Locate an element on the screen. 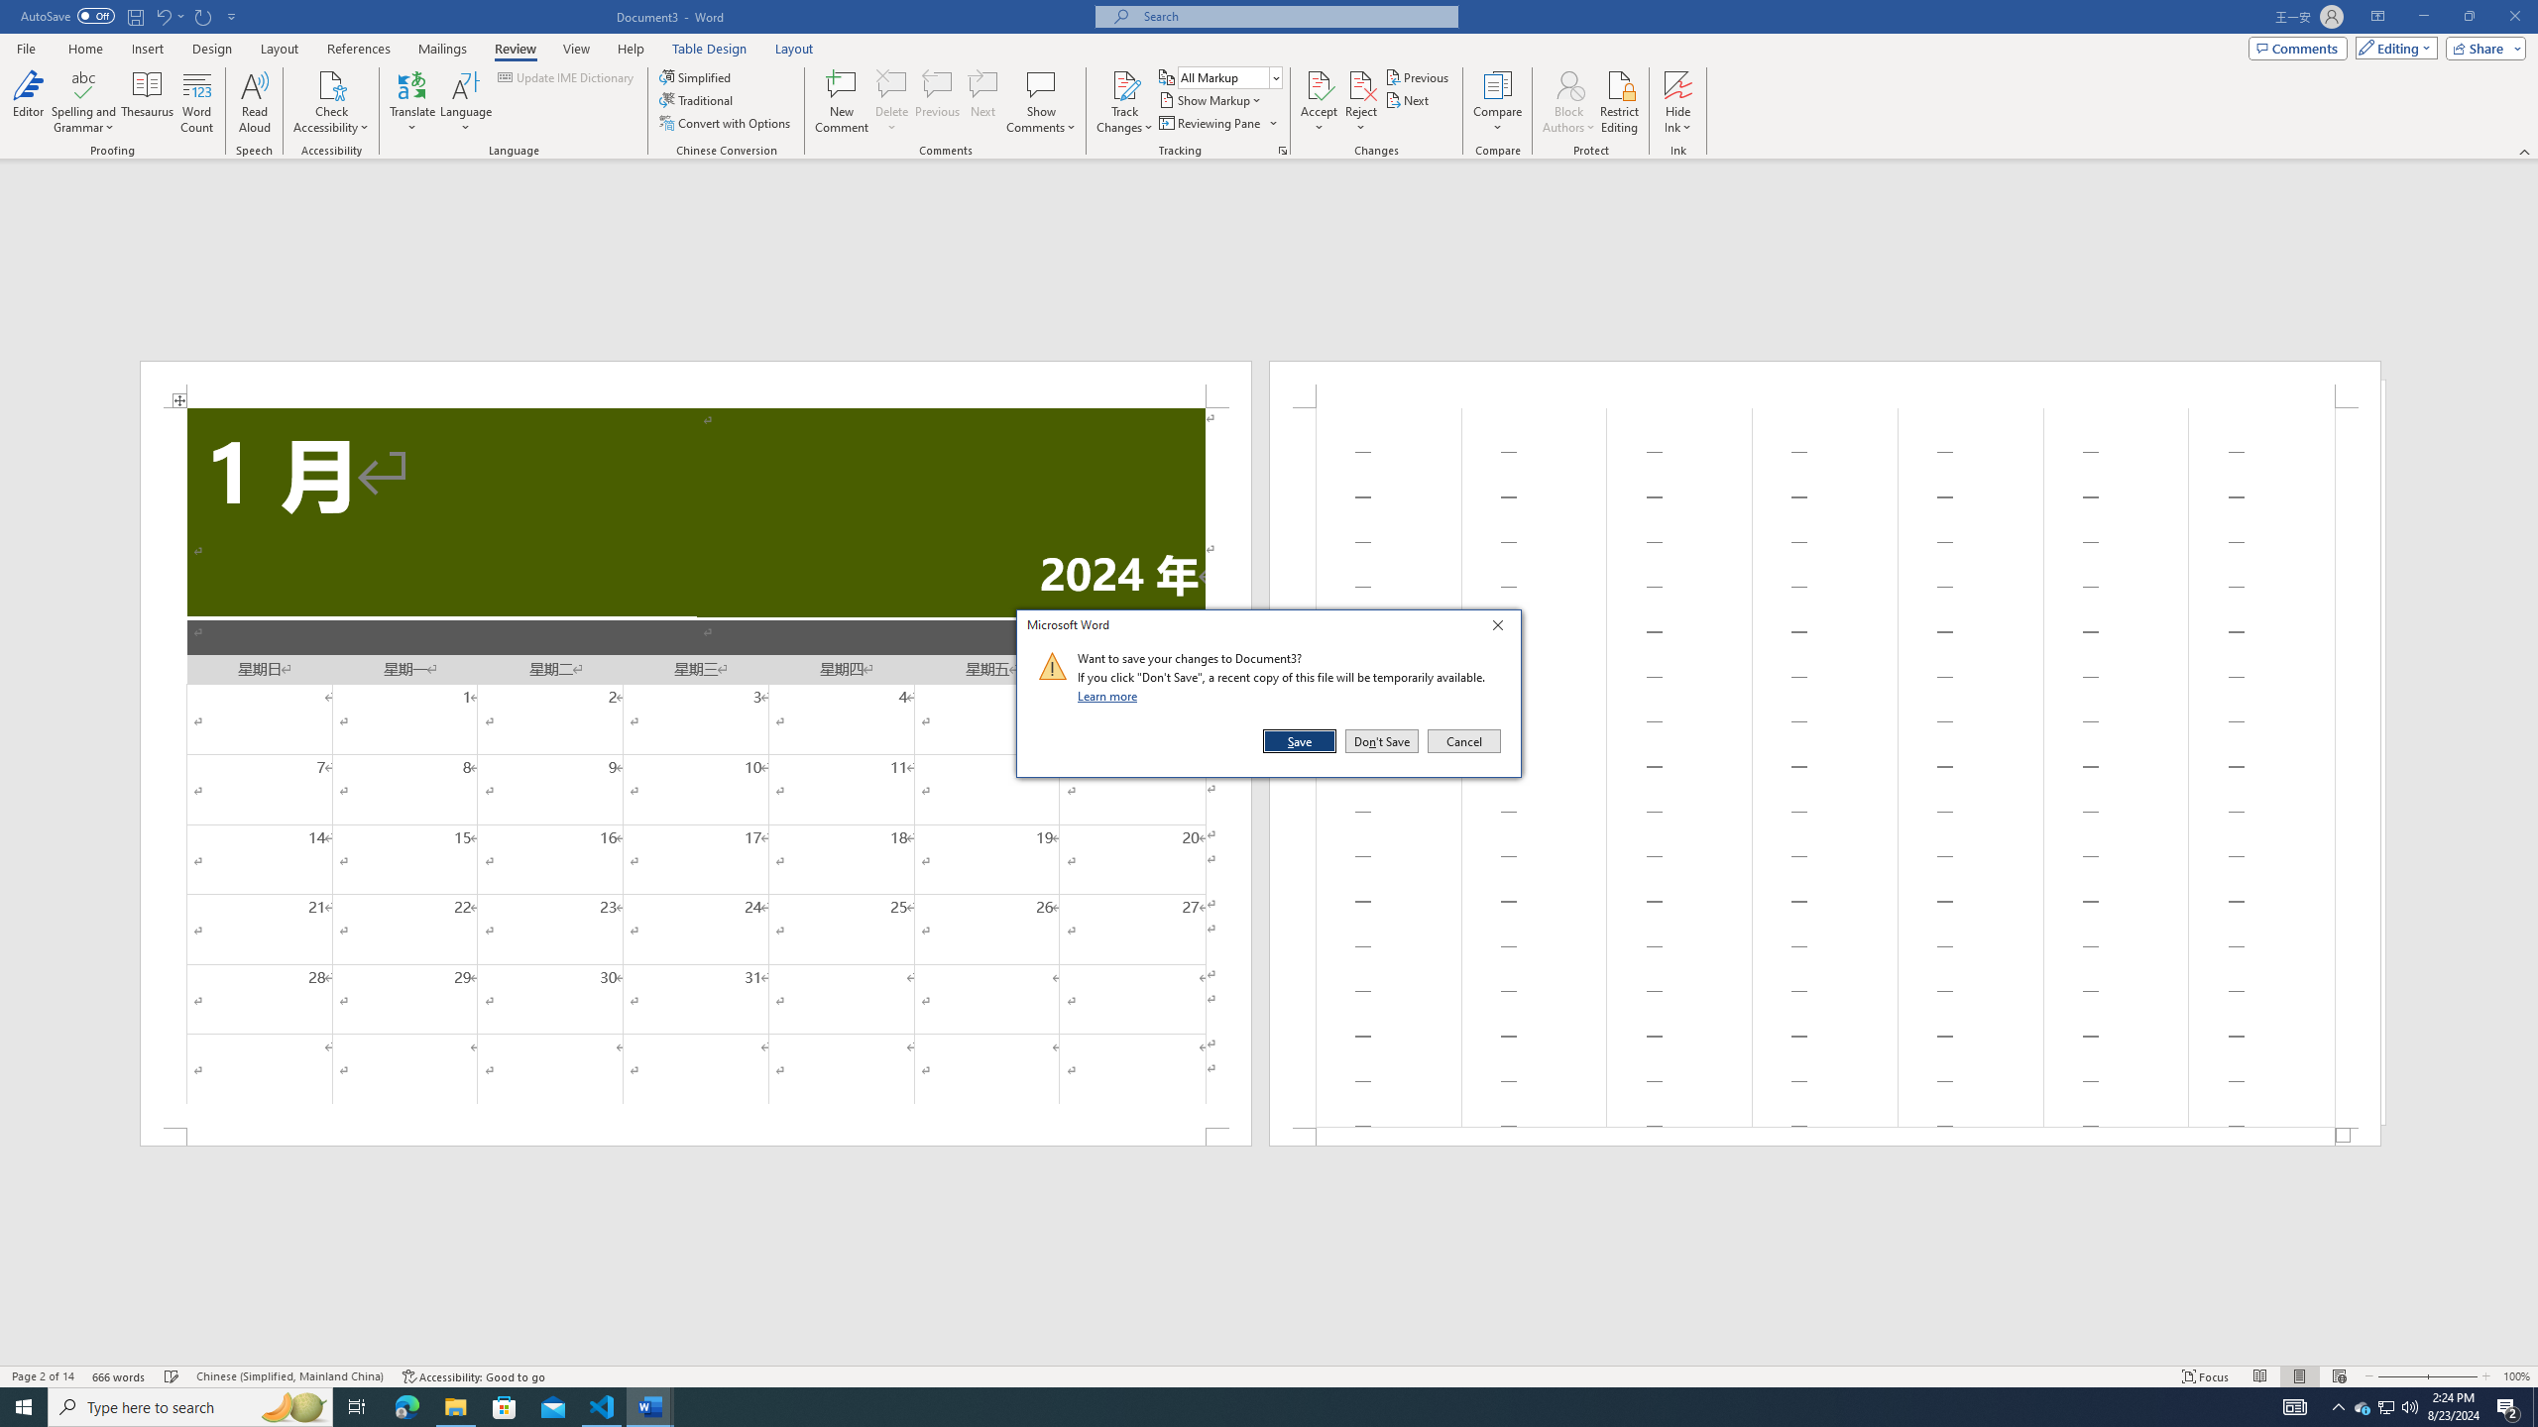  'File Explorer - 1 running window' is located at coordinates (454, 1405).